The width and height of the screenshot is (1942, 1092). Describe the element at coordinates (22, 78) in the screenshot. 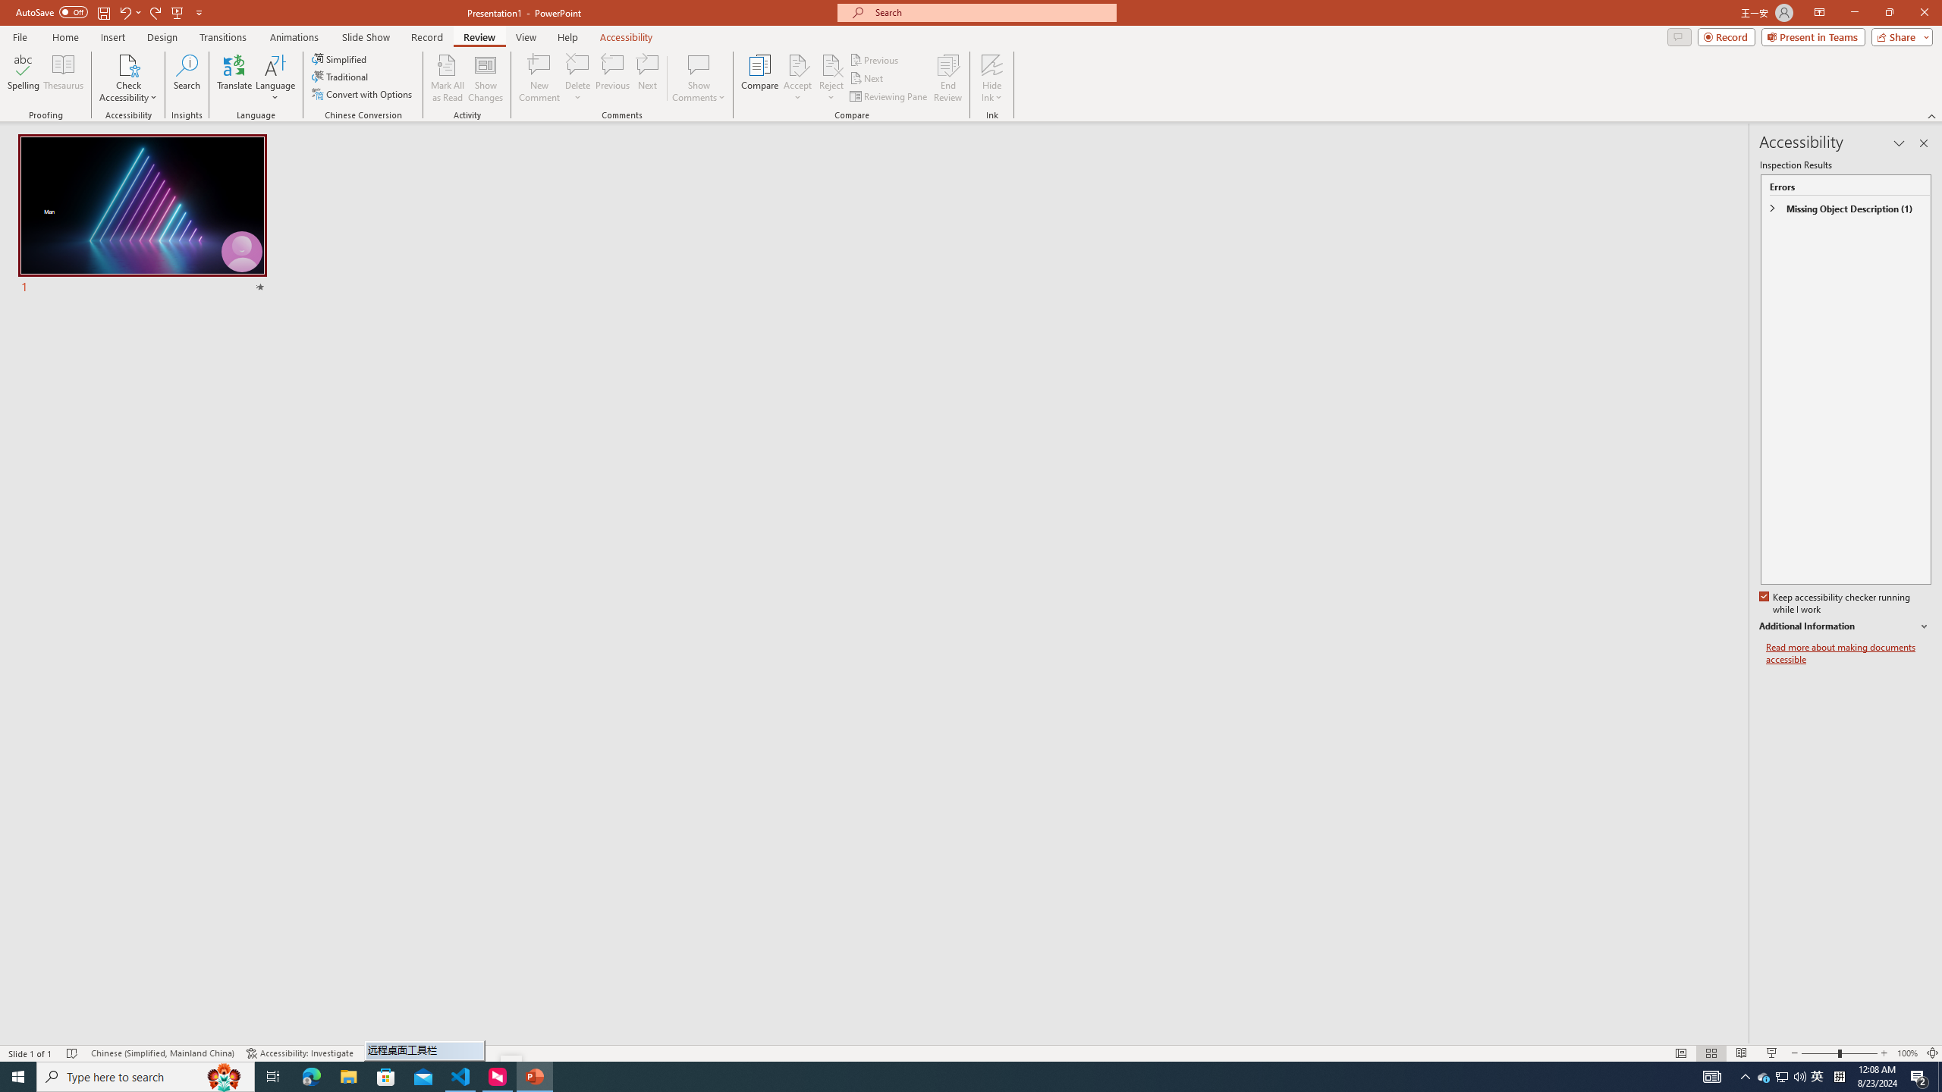

I see `'Spelling...'` at that location.